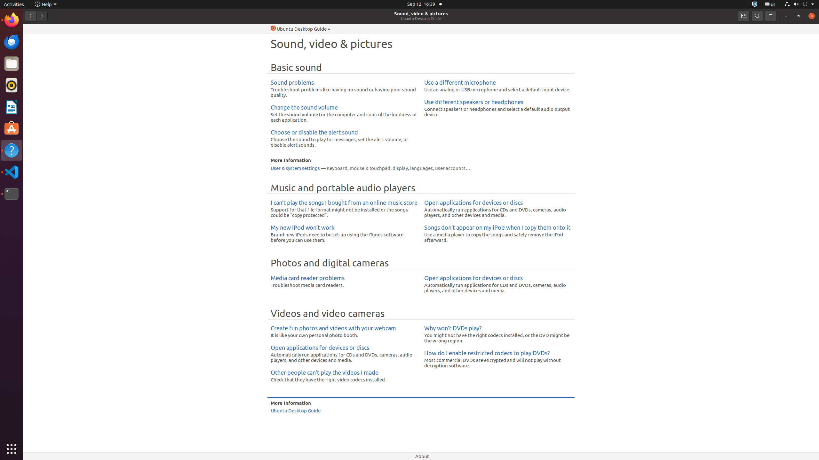 Image resolution: width=819 pixels, height=460 pixels. Describe the element at coordinates (344, 234) in the screenshot. I see `'My new iPod won’t work Brand-new iPods need to be set-up using the iTunes software before you can use them.'` at that location.